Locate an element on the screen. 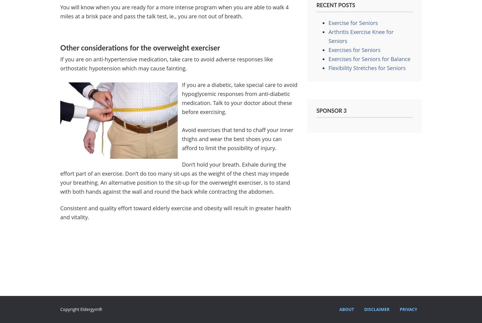 This screenshot has width=482, height=323. 'Avoid exercises that tend to chaff your inner thighs and wear the best shoes you can afford to limit the possibility of injury.' is located at coordinates (237, 139).